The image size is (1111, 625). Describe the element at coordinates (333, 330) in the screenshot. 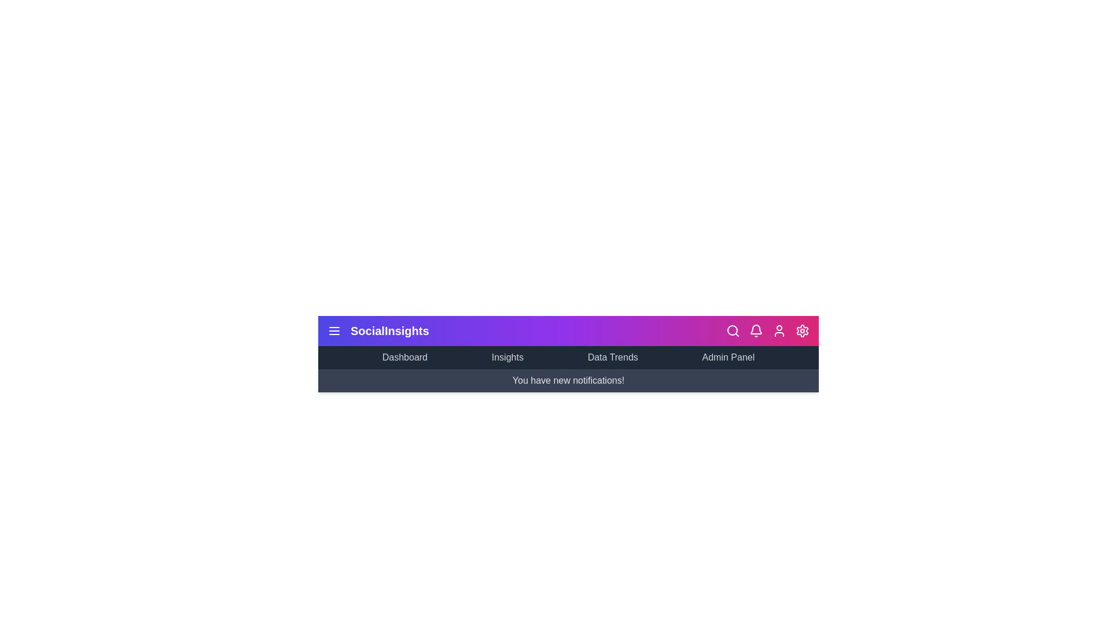

I see `the menu icon to toggle the menu visibility` at that location.